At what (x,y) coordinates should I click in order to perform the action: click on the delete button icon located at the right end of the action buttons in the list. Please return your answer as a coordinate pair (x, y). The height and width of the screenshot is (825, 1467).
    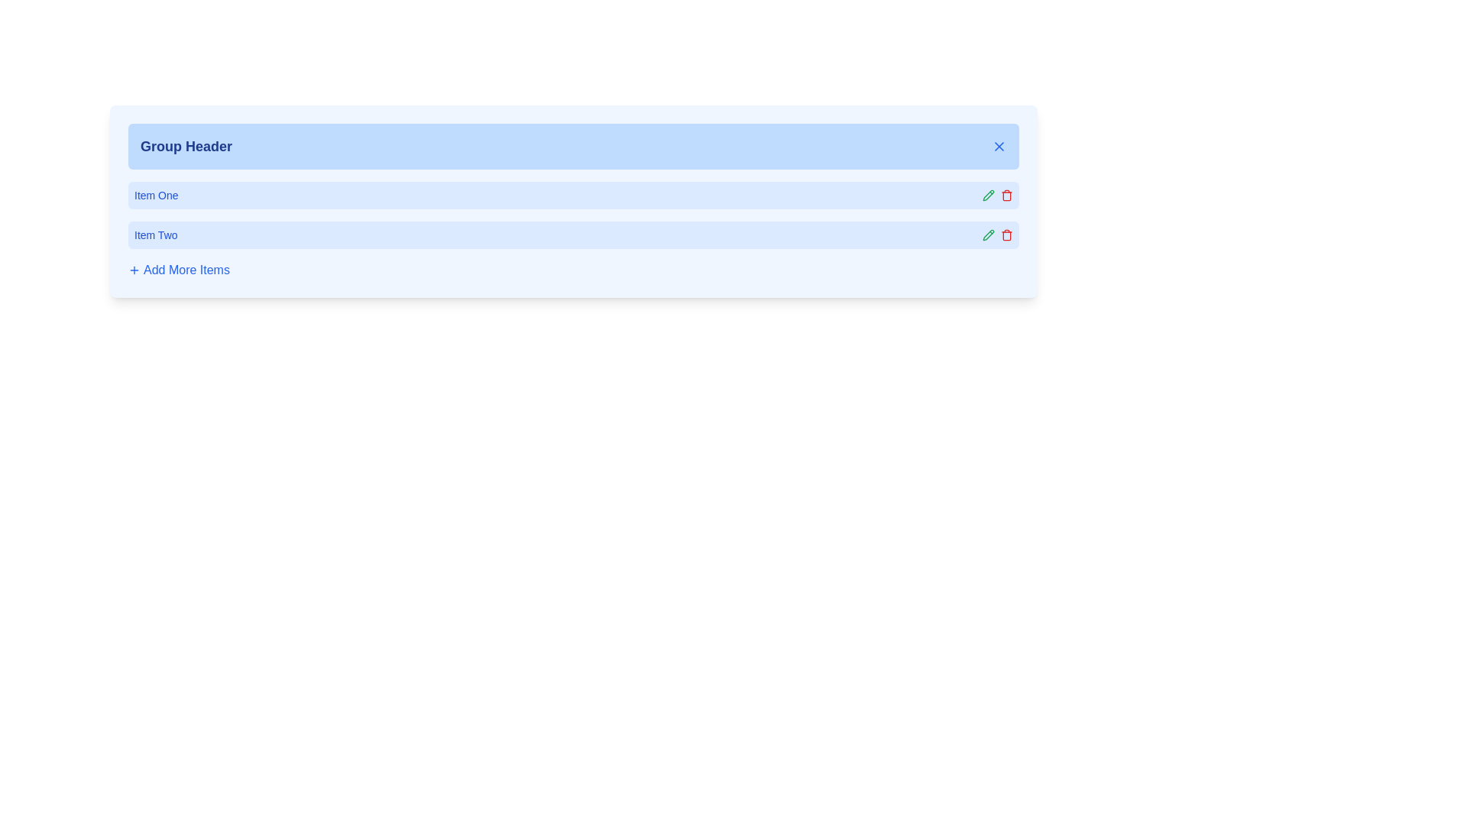
    Looking at the image, I should click on (1007, 194).